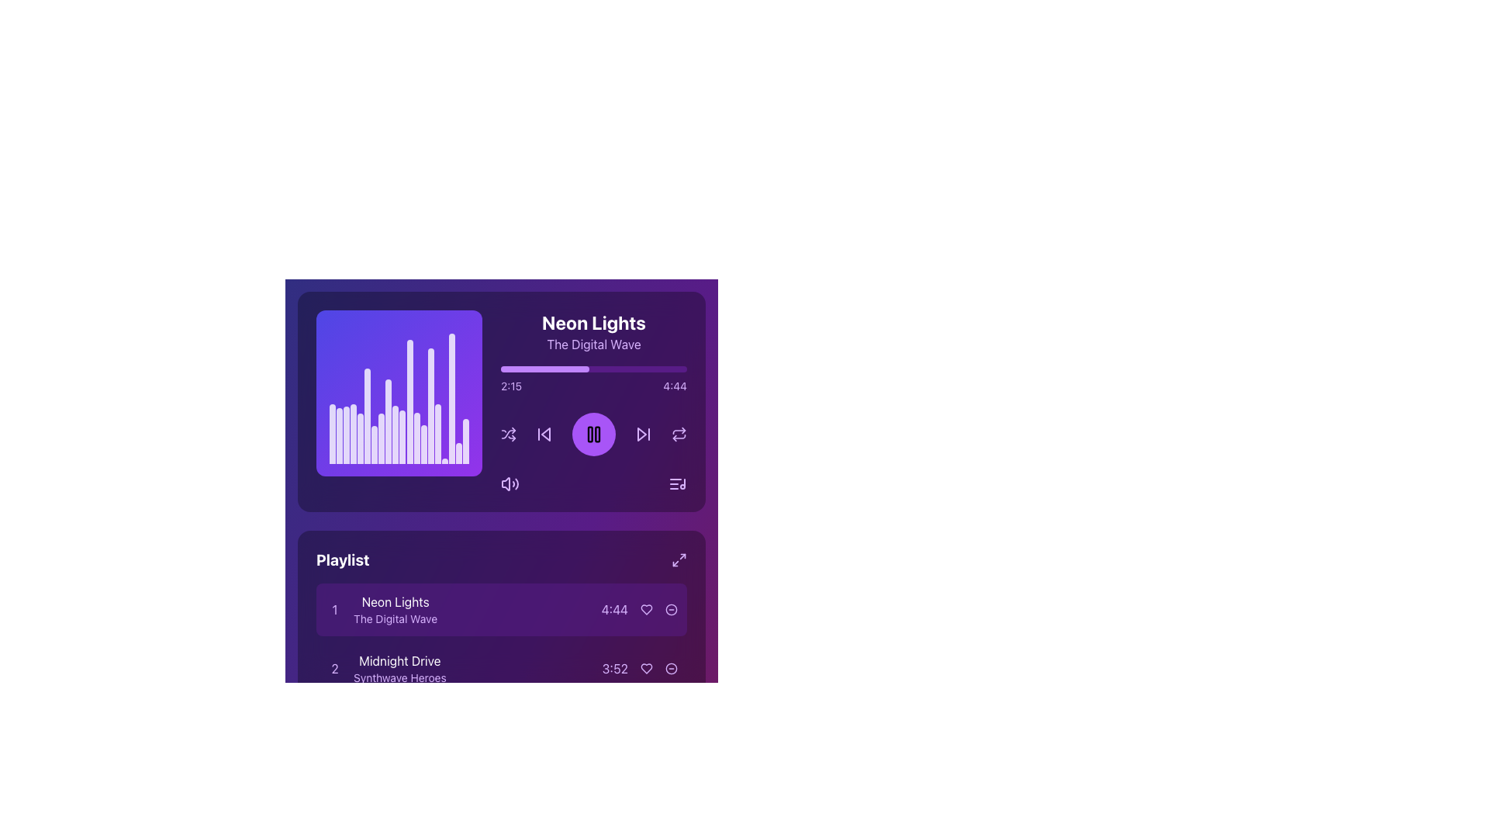  I want to click on the heart-shaped icon located in the second row of the playlist section, next to the track title 'Midnight Drive', so click(647, 667).